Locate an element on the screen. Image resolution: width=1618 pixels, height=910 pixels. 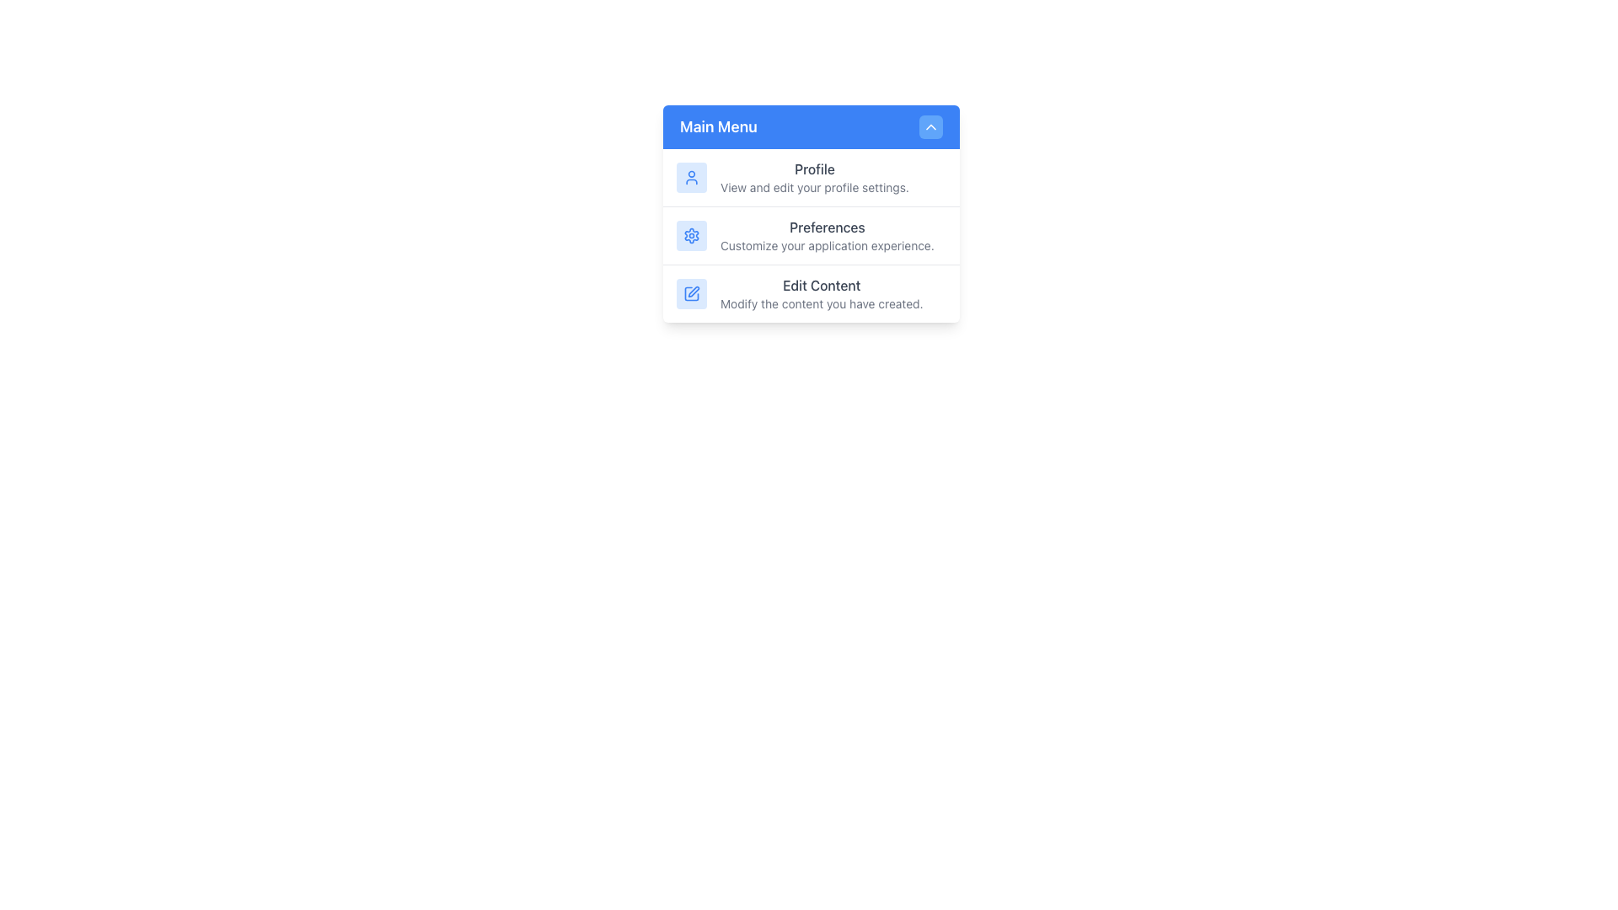
the static text element that serves as the title for the third menu option under the 'Main Menu' heading is located at coordinates (822, 285).